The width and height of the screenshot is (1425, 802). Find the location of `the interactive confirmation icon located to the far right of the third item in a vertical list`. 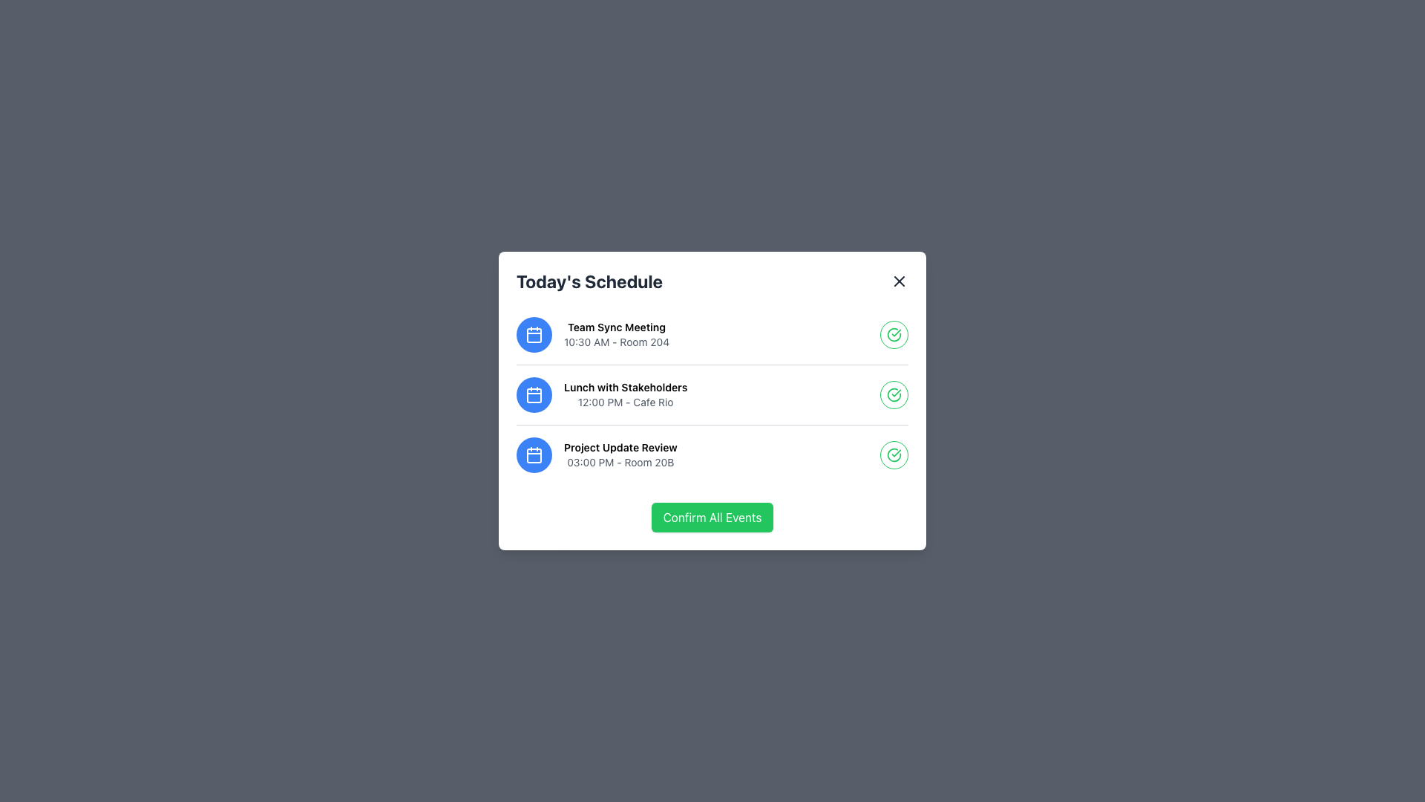

the interactive confirmation icon located to the far right of the third item in a vertical list is located at coordinates (893, 454).